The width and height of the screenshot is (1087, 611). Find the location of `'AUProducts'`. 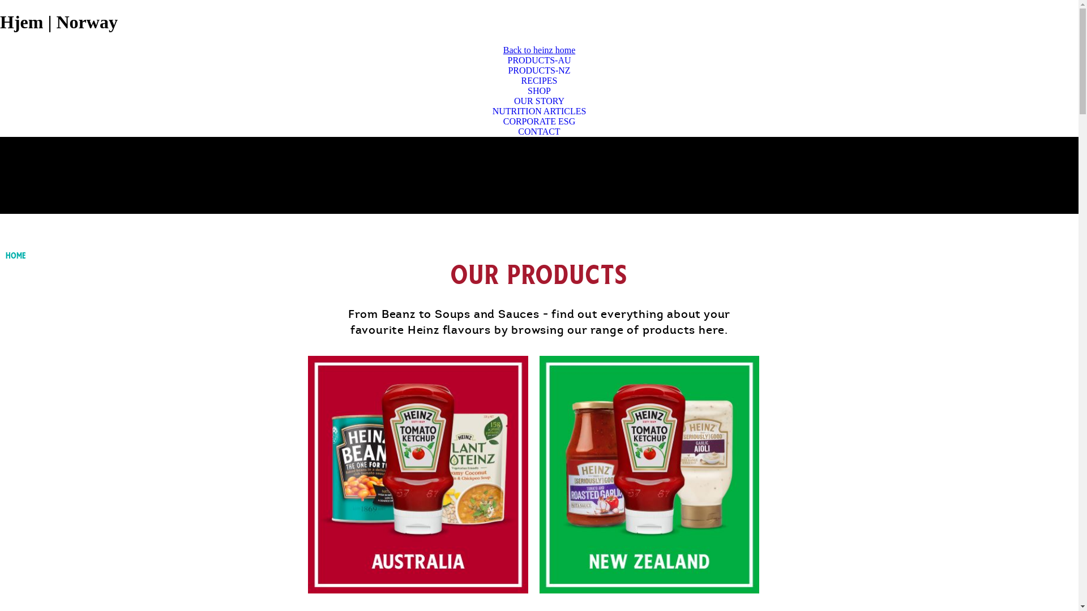

'AUProducts' is located at coordinates (417, 475).